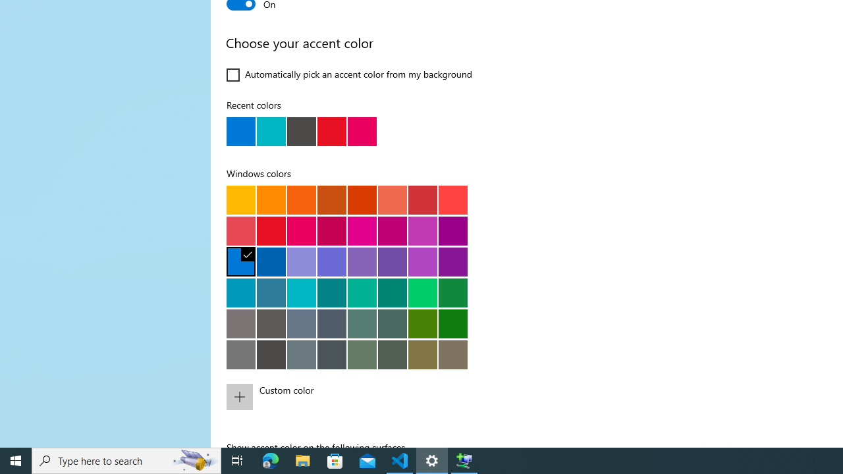 Image resolution: width=843 pixels, height=474 pixels. What do you see at coordinates (391, 354) in the screenshot?
I see `'Sage'` at bounding box center [391, 354].